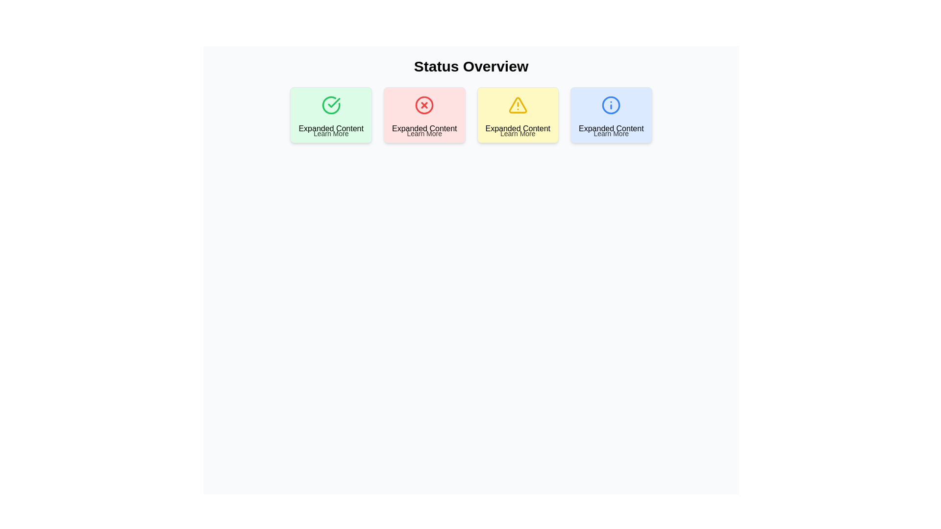 The image size is (941, 529). Describe the element at coordinates (611, 105) in the screenshot. I see `the informational icon located at the center of the fourth card in a horizontally aligned group of four cards` at that location.